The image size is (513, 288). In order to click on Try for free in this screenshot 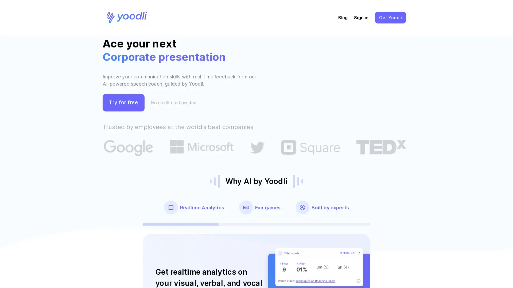, I will do `click(123, 102)`.